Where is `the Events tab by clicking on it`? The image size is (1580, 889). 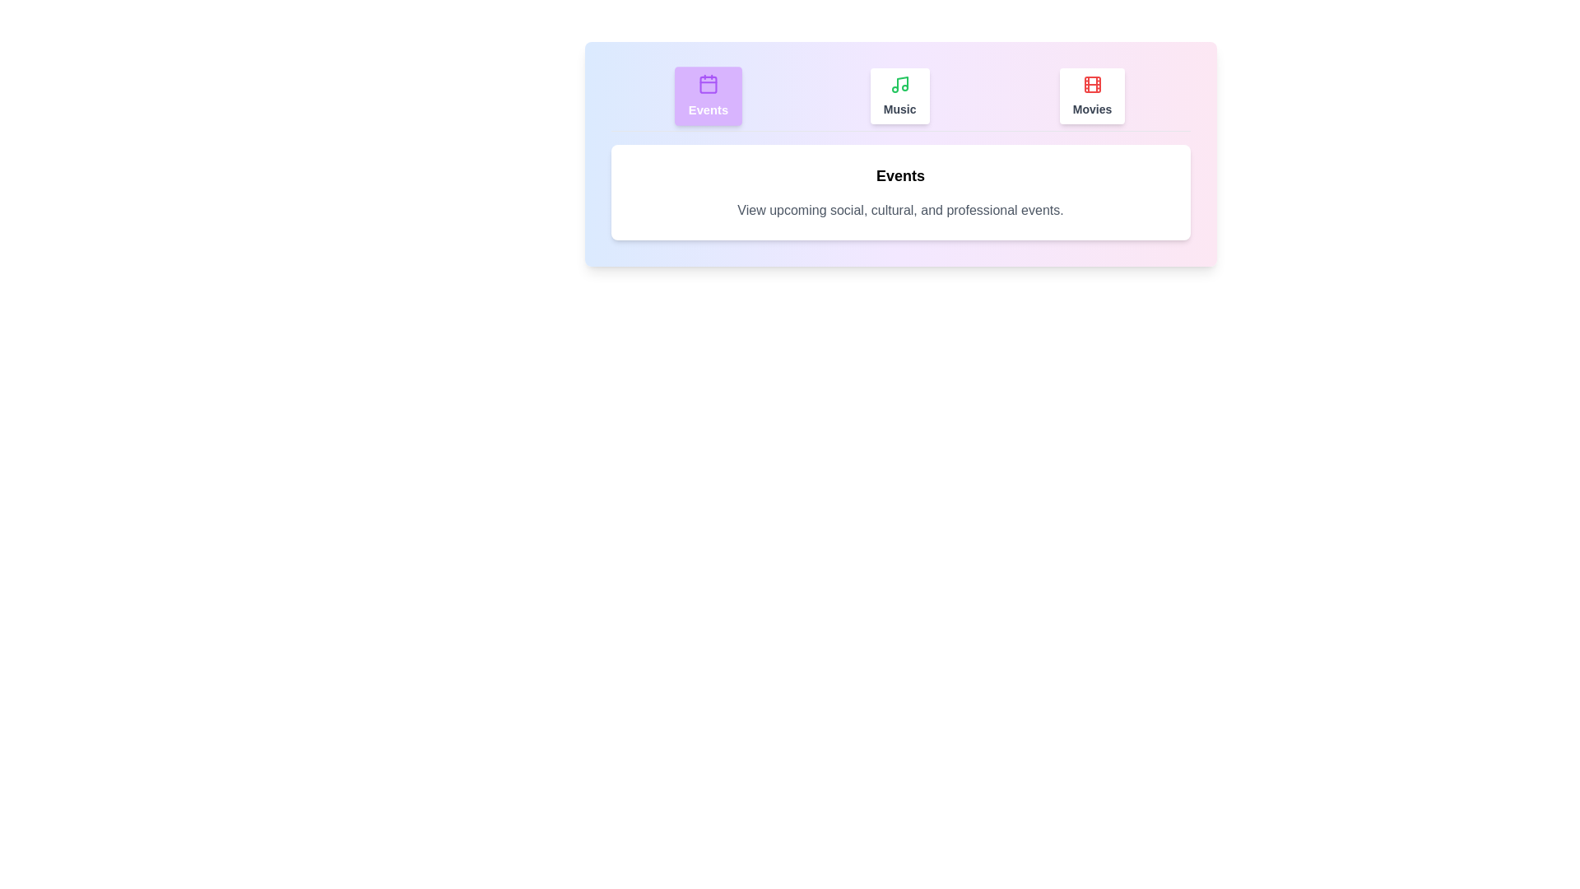 the Events tab by clicking on it is located at coordinates (708, 95).